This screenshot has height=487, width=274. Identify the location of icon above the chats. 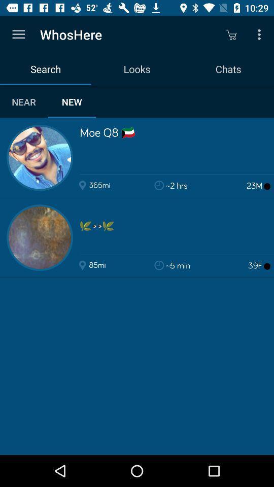
(260, 34).